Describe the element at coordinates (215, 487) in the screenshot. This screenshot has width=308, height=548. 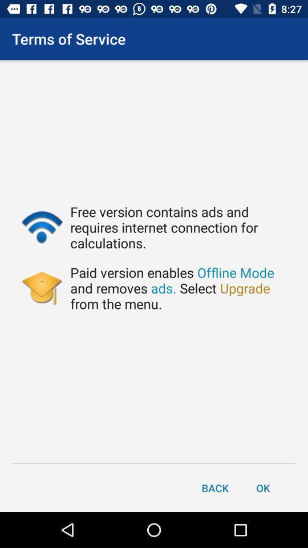
I see `the back item` at that location.